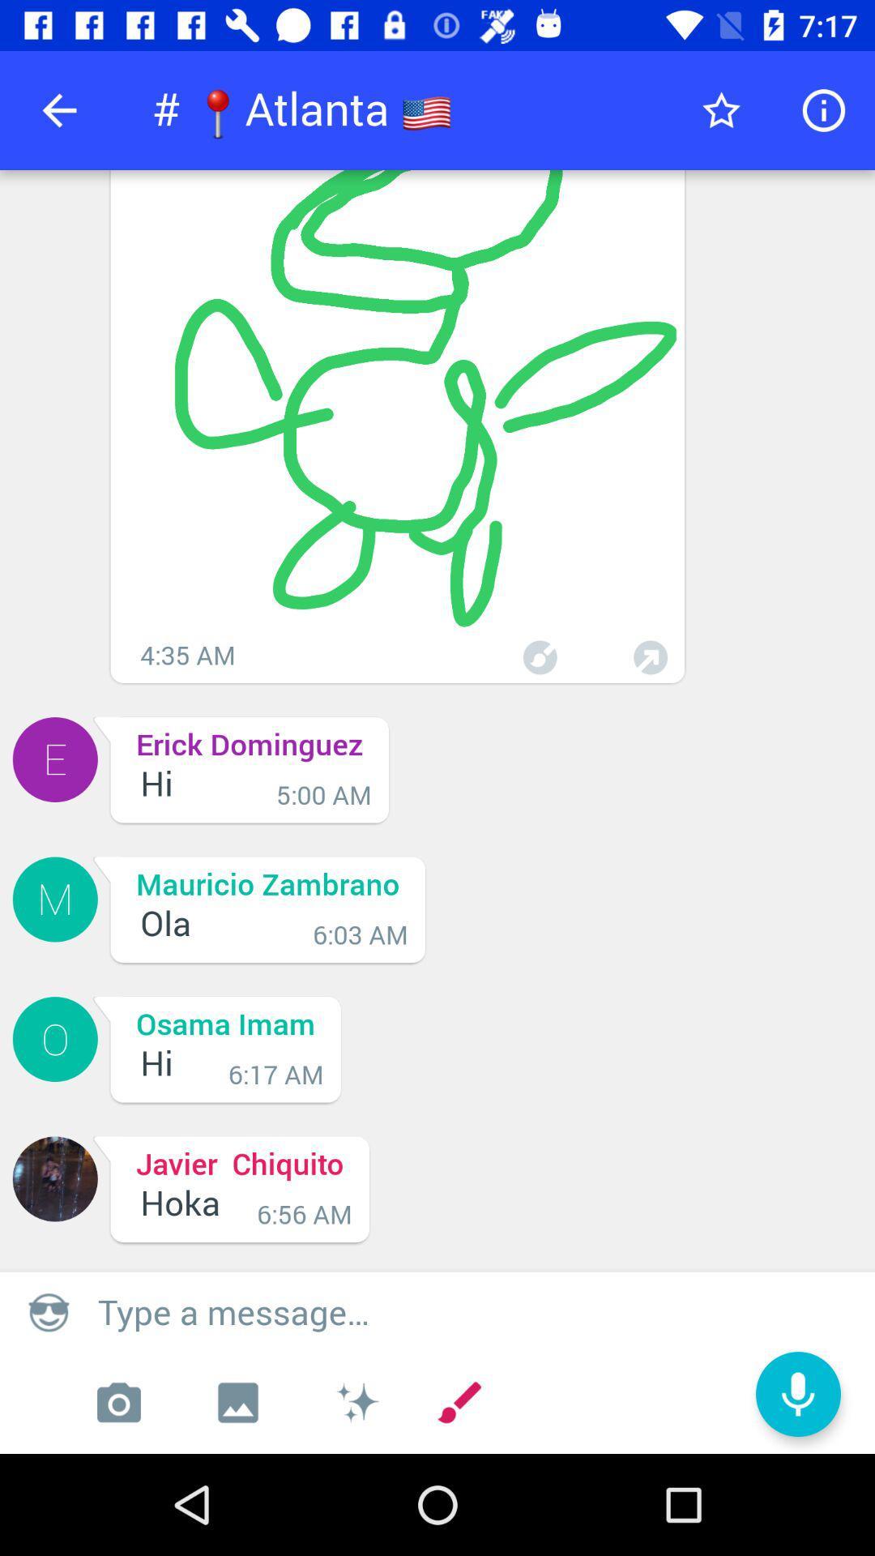 This screenshot has width=875, height=1556. Describe the element at coordinates (356, 1402) in the screenshot. I see `the weather icon` at that location.